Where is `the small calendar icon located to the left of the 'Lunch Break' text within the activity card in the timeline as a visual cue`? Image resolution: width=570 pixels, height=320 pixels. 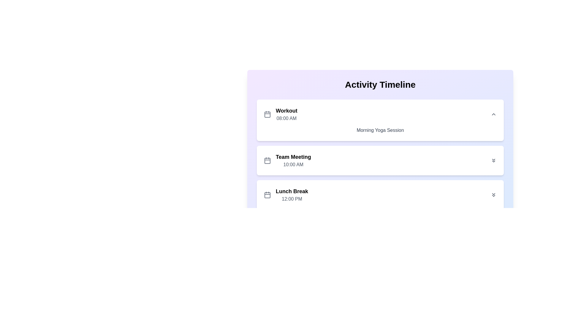
the small calendar icon located to the left of the 'Lunch Break' text within the activity card in the timeline as a visual cue is located at coordinates (267, 195).